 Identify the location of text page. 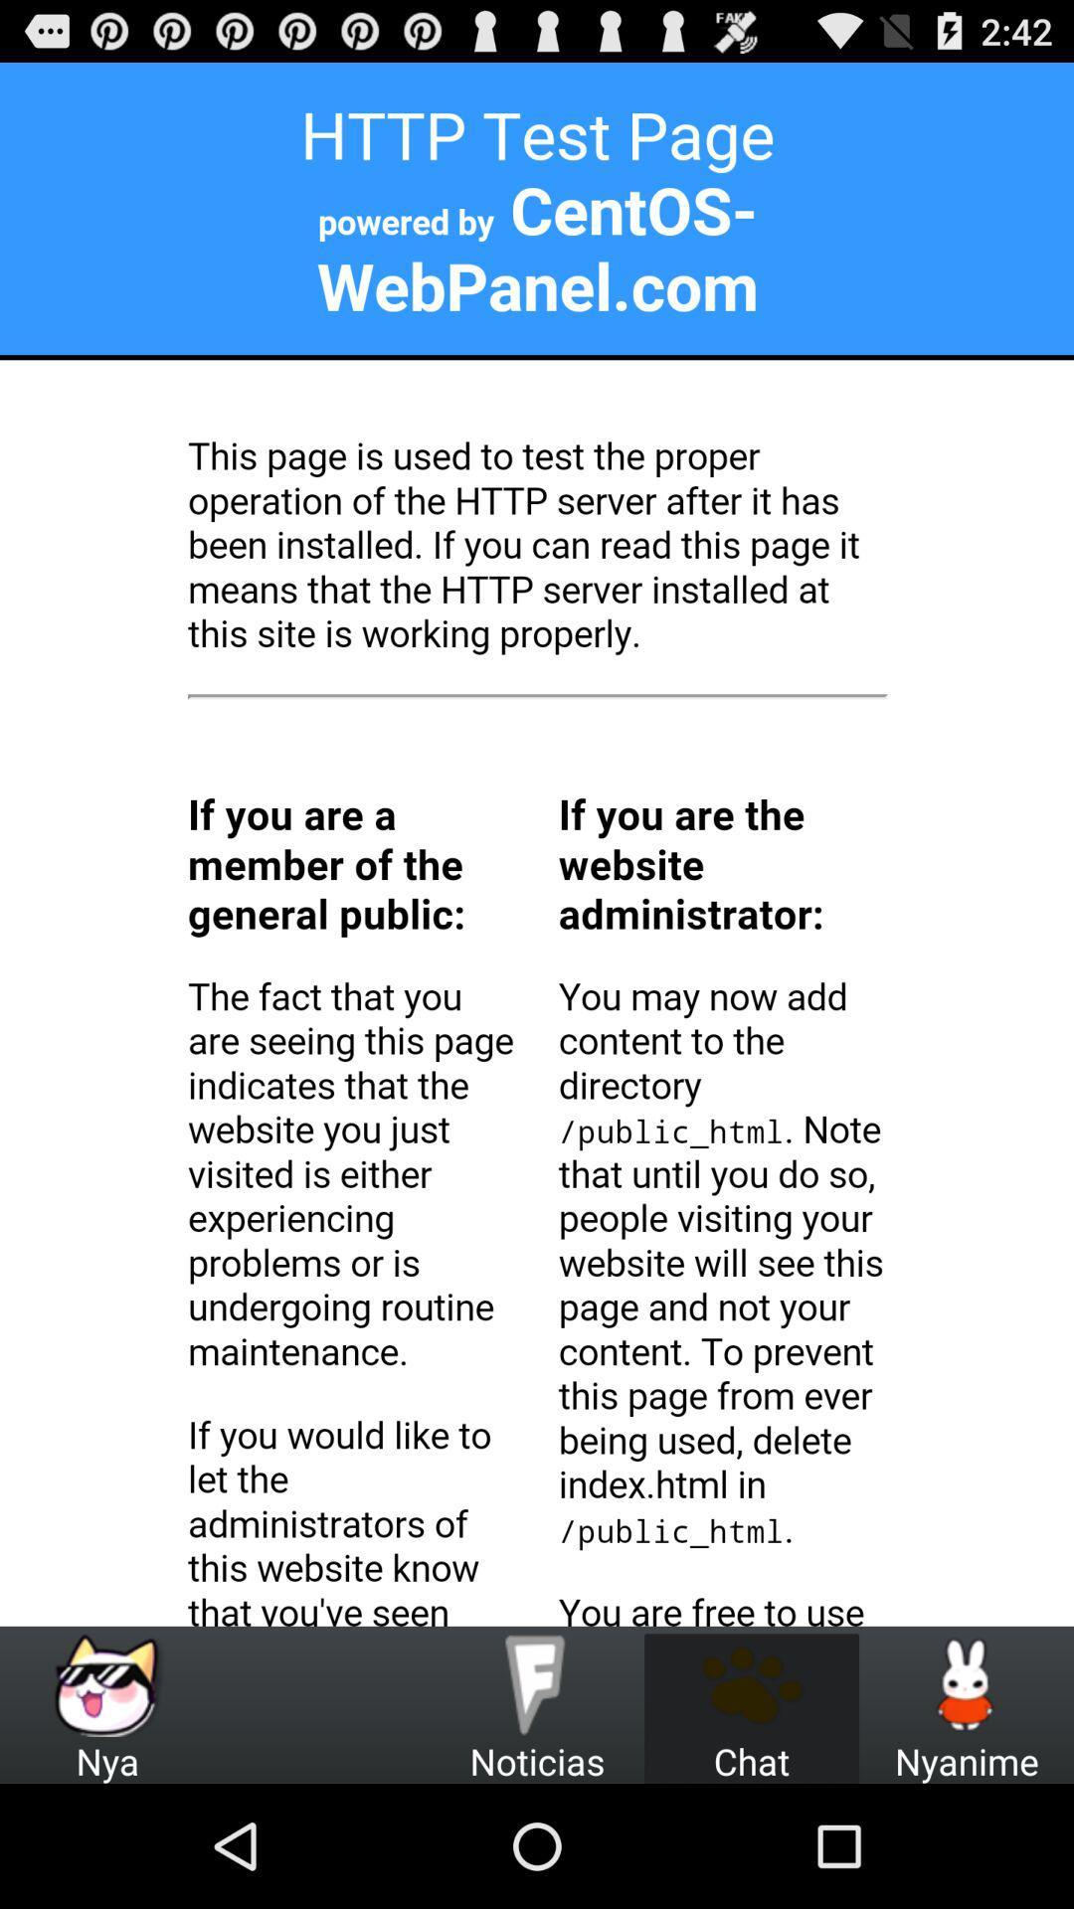
(537, 844).